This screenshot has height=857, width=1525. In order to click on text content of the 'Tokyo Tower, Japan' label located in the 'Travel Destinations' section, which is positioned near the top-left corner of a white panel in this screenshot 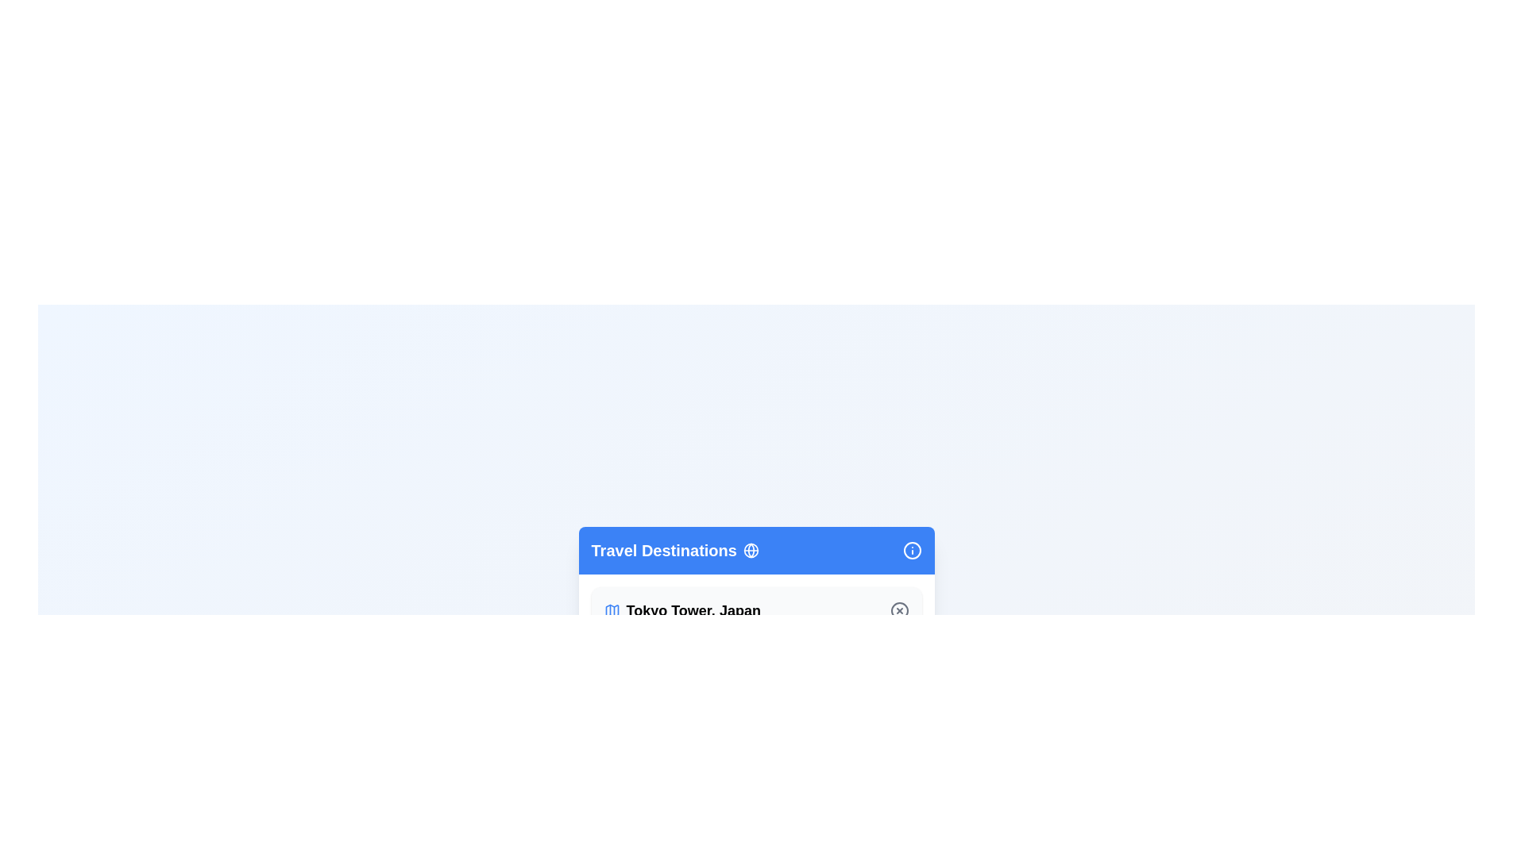, I will do `click(682, 610)`.